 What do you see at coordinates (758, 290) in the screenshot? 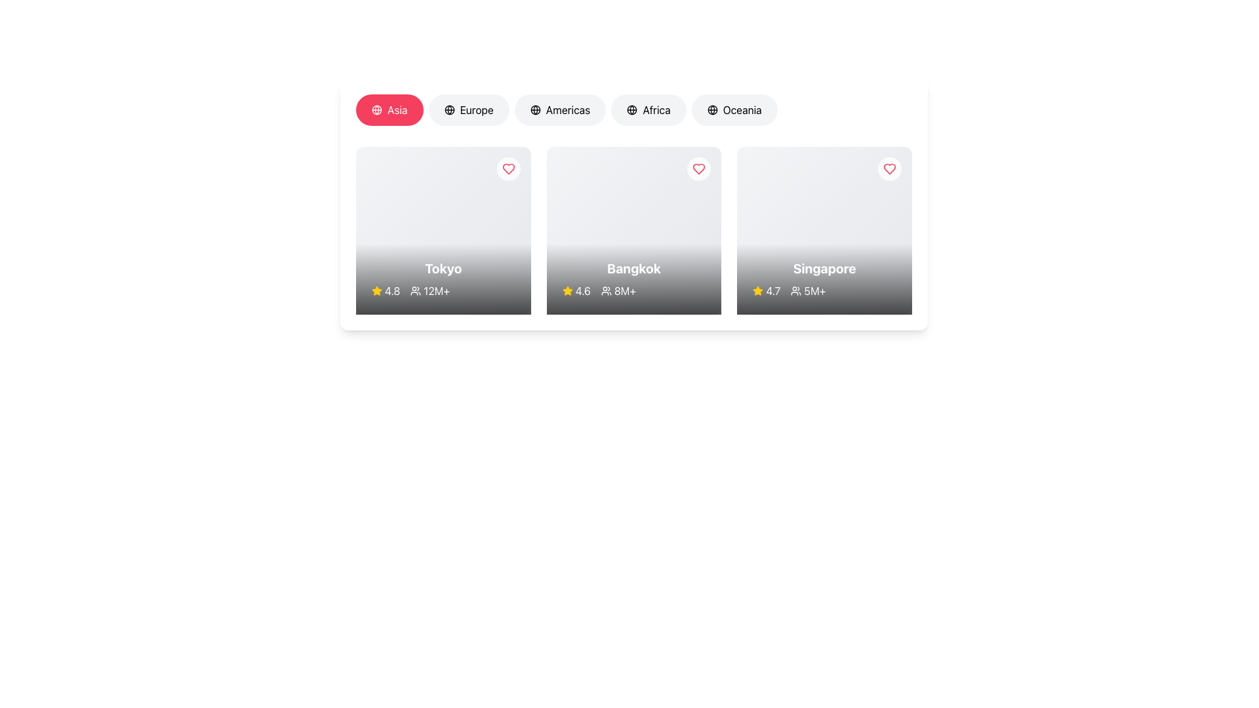
I see `the yellow star icon located to the immediate left of the white text '4.7', which serves as a rating indicator` at bounding box center [758, 290].